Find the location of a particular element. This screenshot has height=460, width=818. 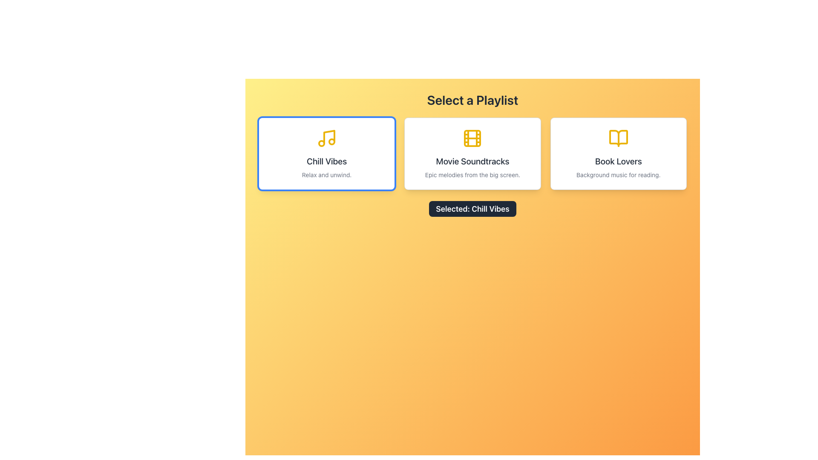

the 'Movie Soundtracks' icon located at the center of the selection card is located at coordinates (472, 138).